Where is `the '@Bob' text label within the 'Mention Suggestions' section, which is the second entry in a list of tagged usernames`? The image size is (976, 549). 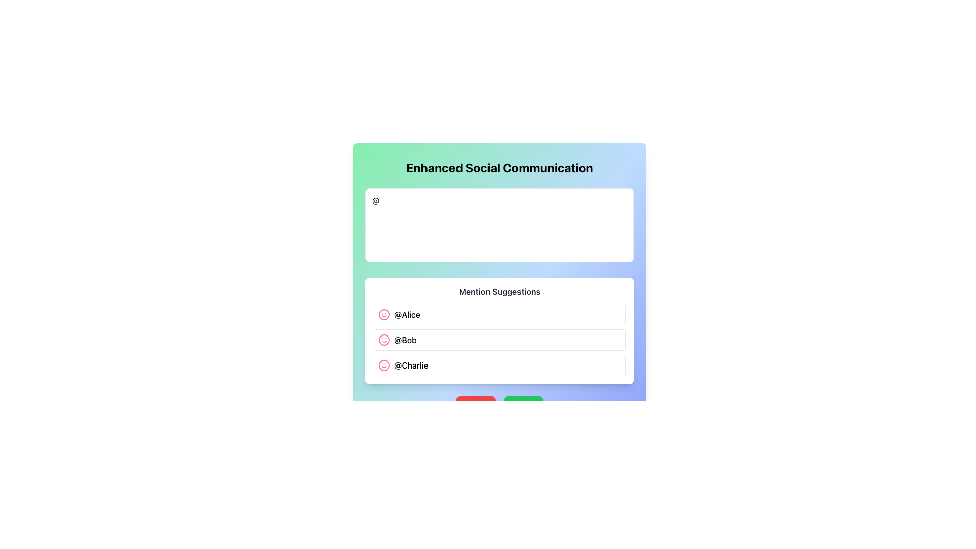 the '@Bob' text label within the 'Mention Suggestions' section, which is the second entry in a list of tagged usernames is located at coordinates (405, 340).